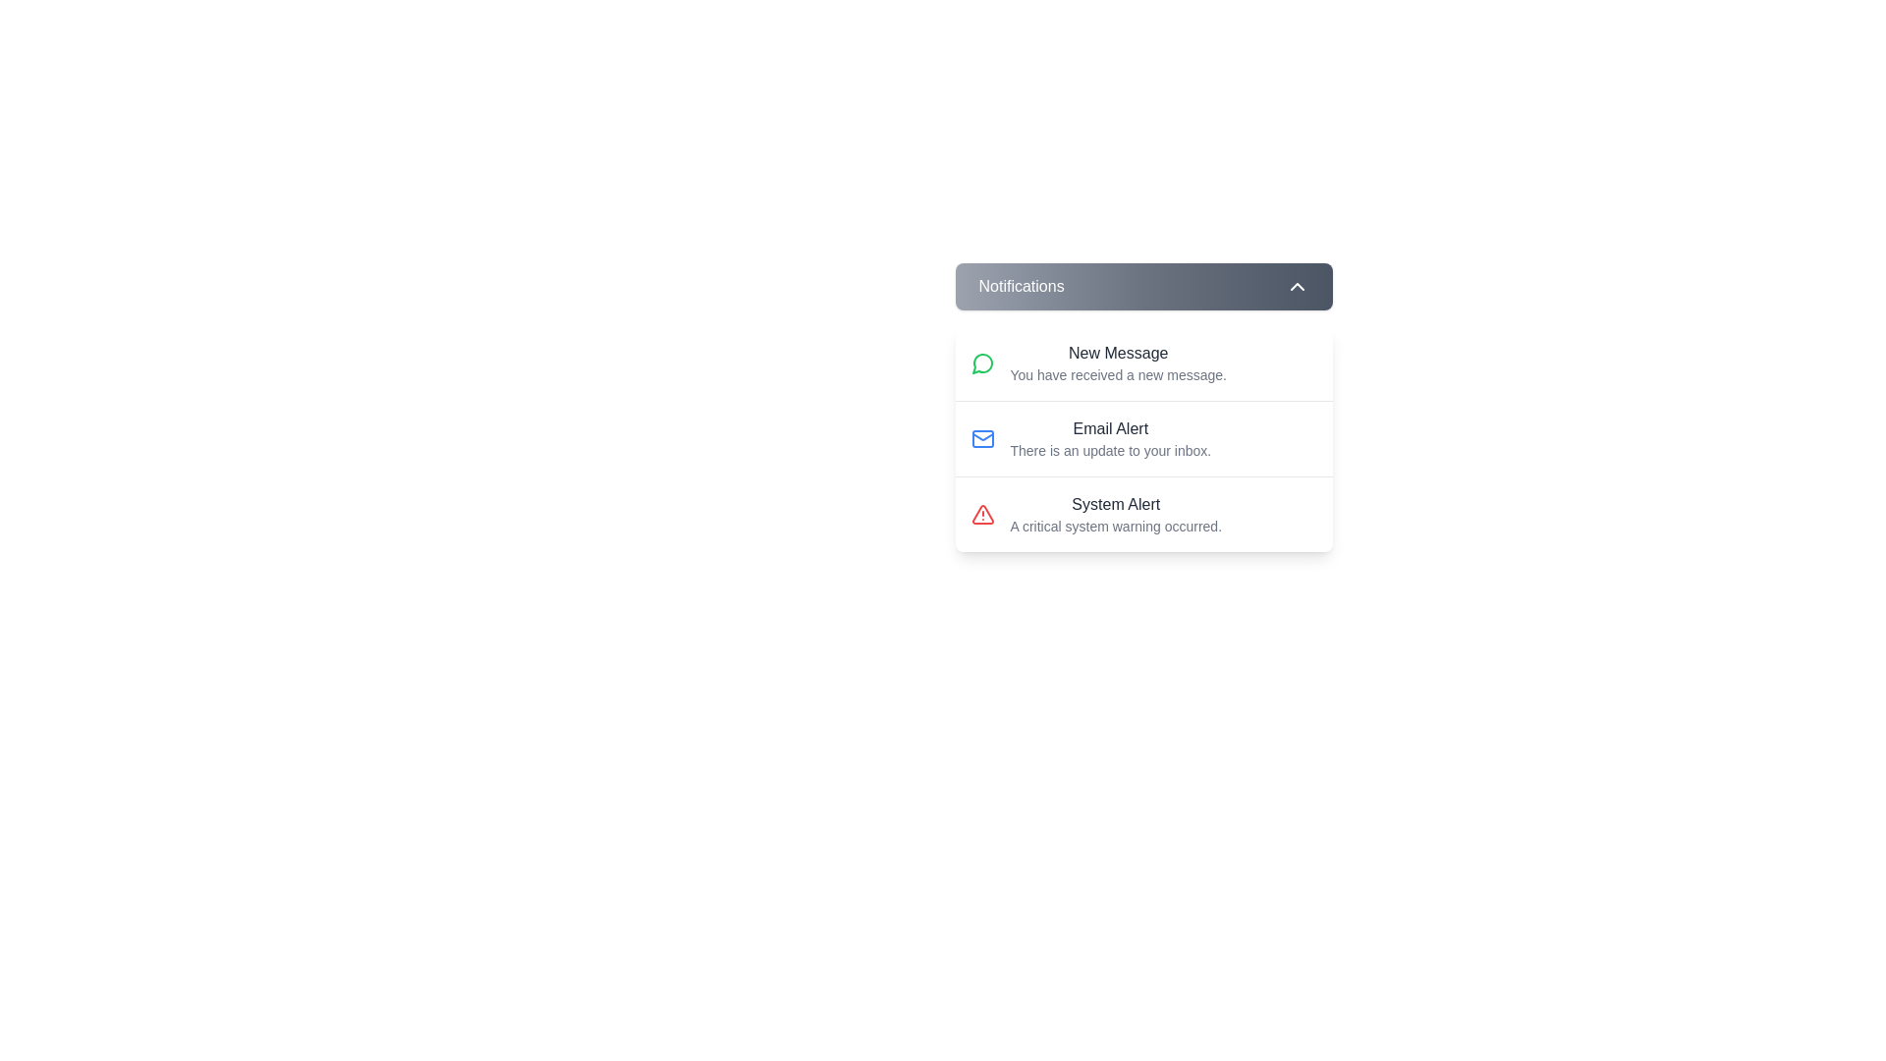  I want to click on the circular speech bubble icon with a green outline, located, so click(981, 363).